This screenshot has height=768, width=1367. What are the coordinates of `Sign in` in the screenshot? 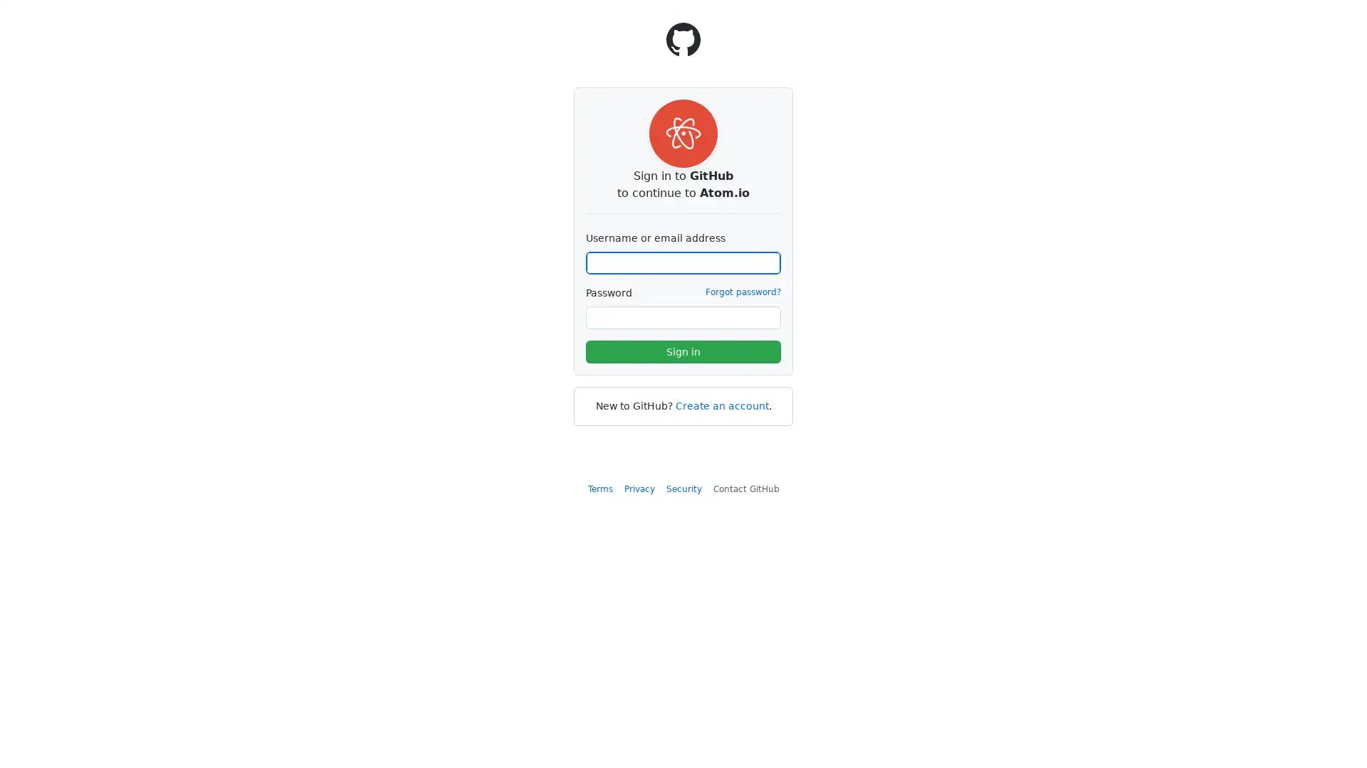 It's located at (683, 351).